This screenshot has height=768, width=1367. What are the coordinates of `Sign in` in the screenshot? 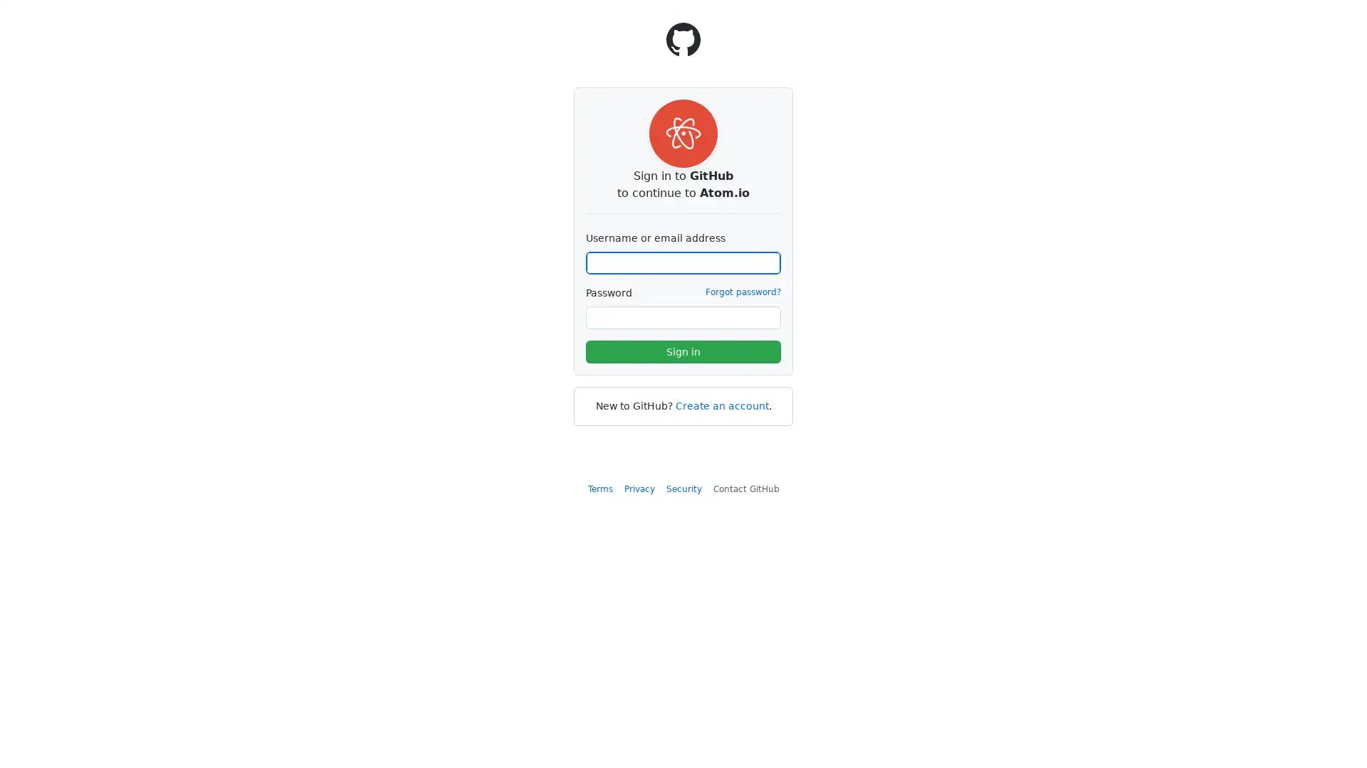 It's located at (683, 351).